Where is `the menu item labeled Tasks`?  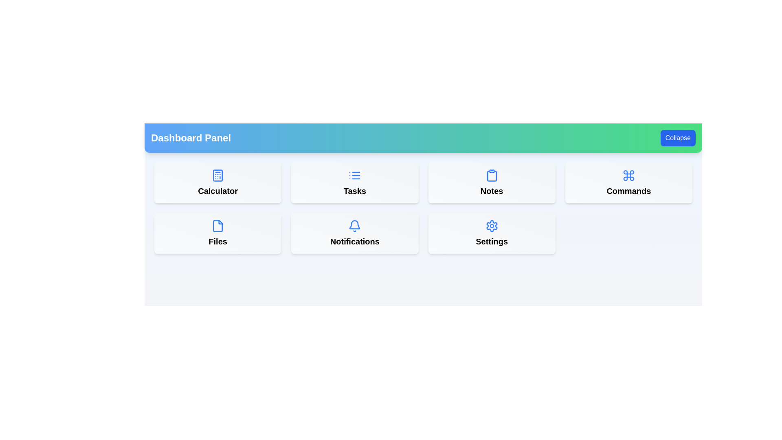
the menu item labeled Tasks is located at coordinates (355, 182).